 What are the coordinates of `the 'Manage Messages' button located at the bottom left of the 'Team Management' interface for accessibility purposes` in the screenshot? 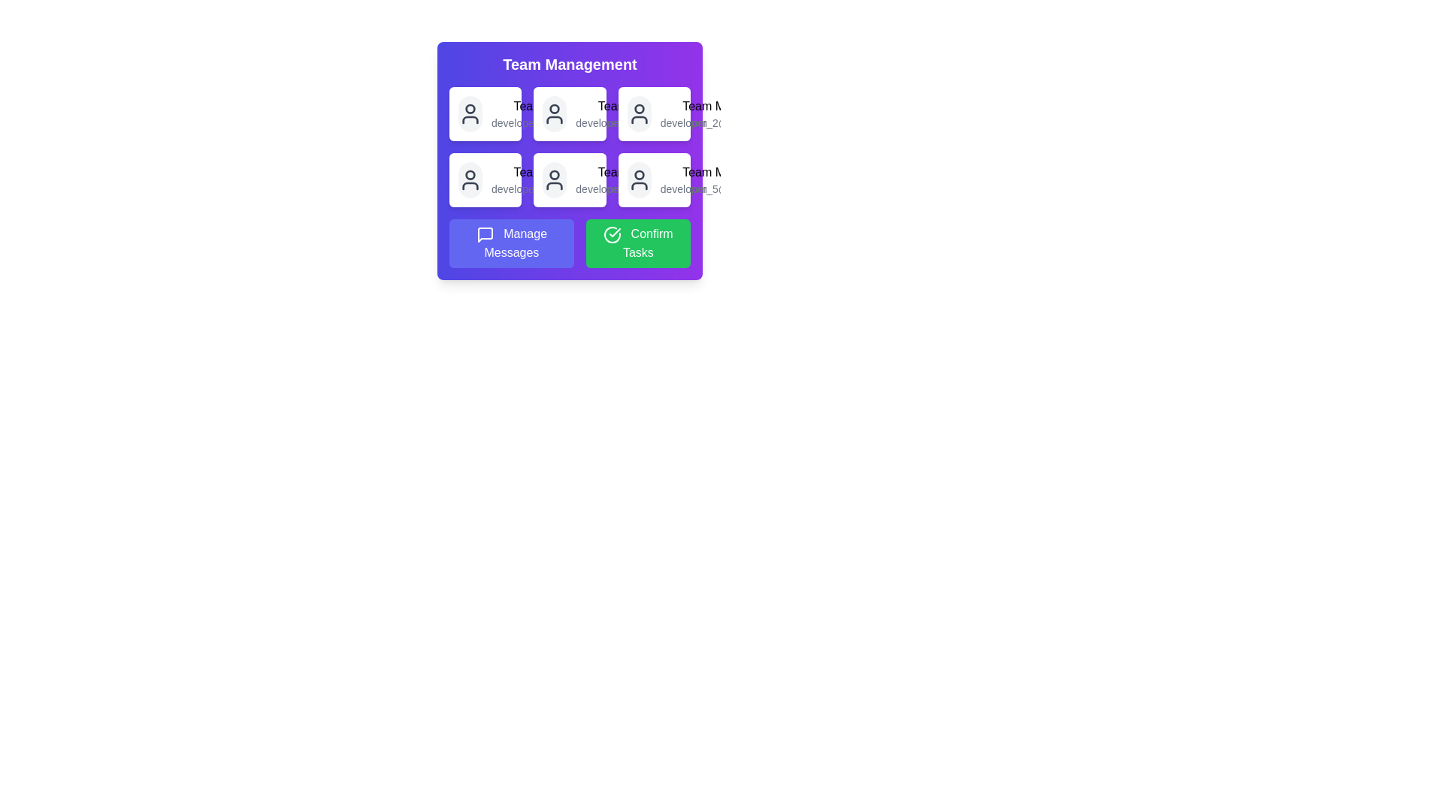 It's located at (511, 243).